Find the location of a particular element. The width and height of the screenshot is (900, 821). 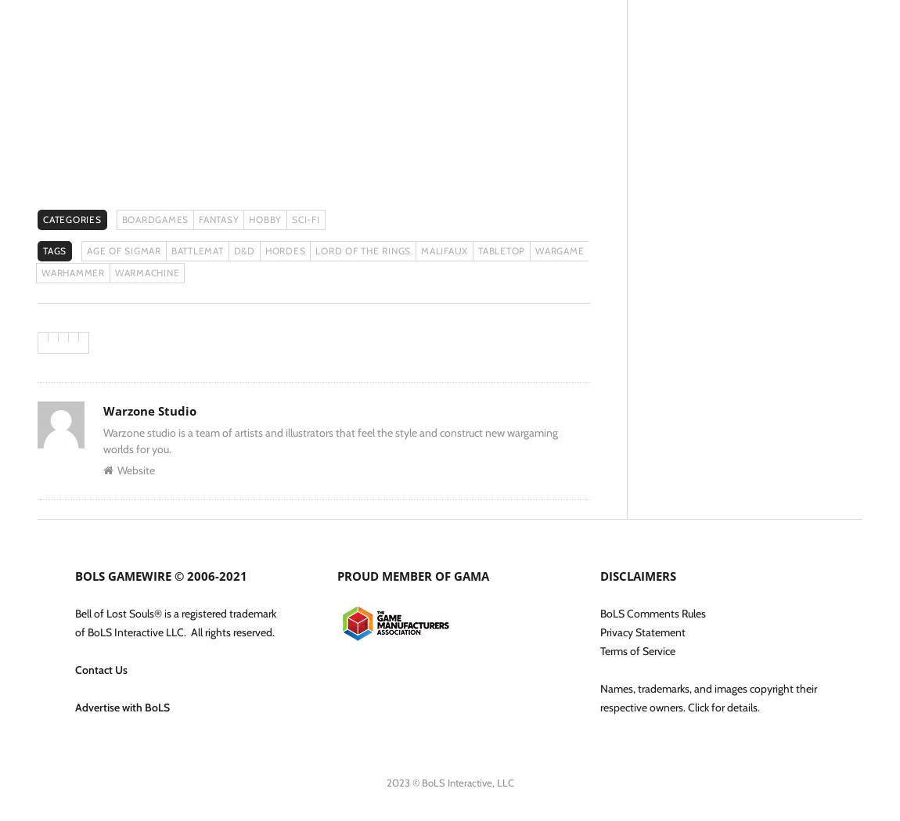

'Privacy Statement' is located at coordinates (643, 631).